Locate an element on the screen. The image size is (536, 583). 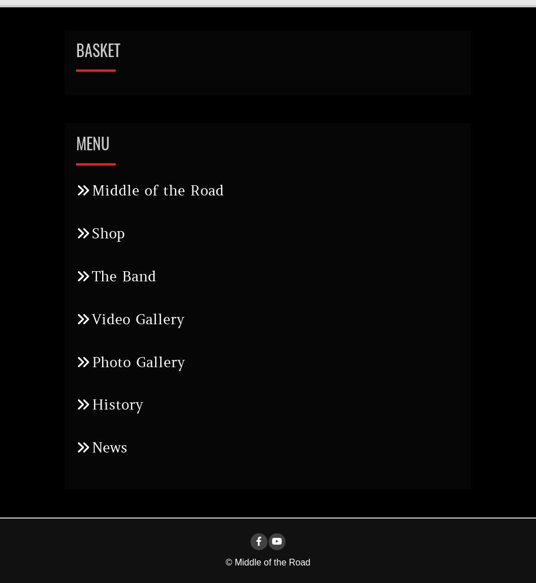
'The Band' is located at coordinates (124, 275).